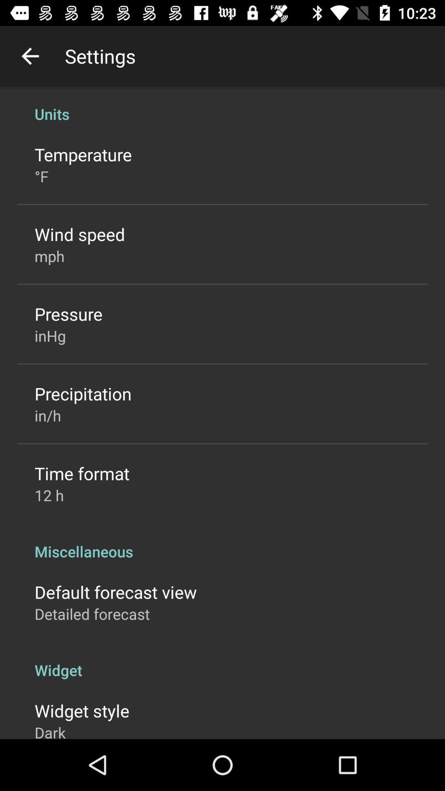 This screenshot has width=445, height=791. What do you see at coordinates (50, 336) in the screenshot?
I see `the inhg` at bounding box center [50, 336].